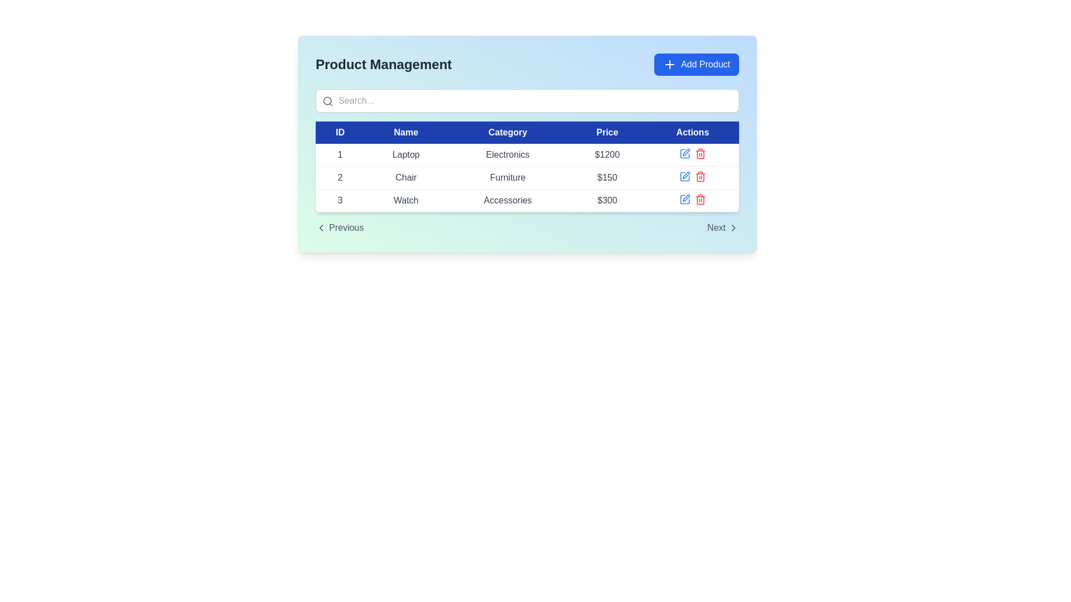 This screenshot has height=602, width=1071. Describe the element at coordinates (339, 132) in the screenshot. I see `the label of the Table Header Cell for the 'ID' column, which is located at the upper left corner of the table` at that location.